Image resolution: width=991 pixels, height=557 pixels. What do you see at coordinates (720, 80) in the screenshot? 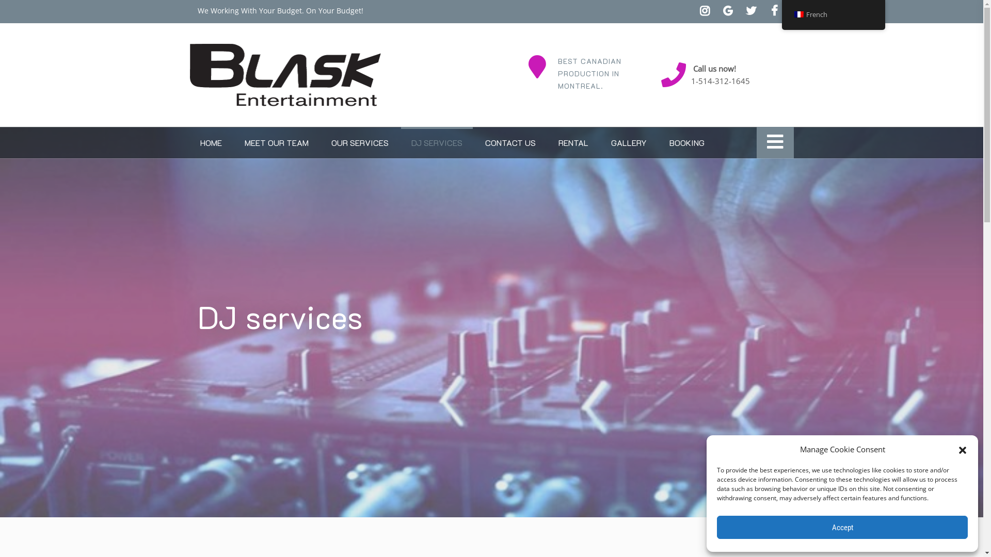
I see `'1-514-312-1645'` at bounding box center [720, 80].